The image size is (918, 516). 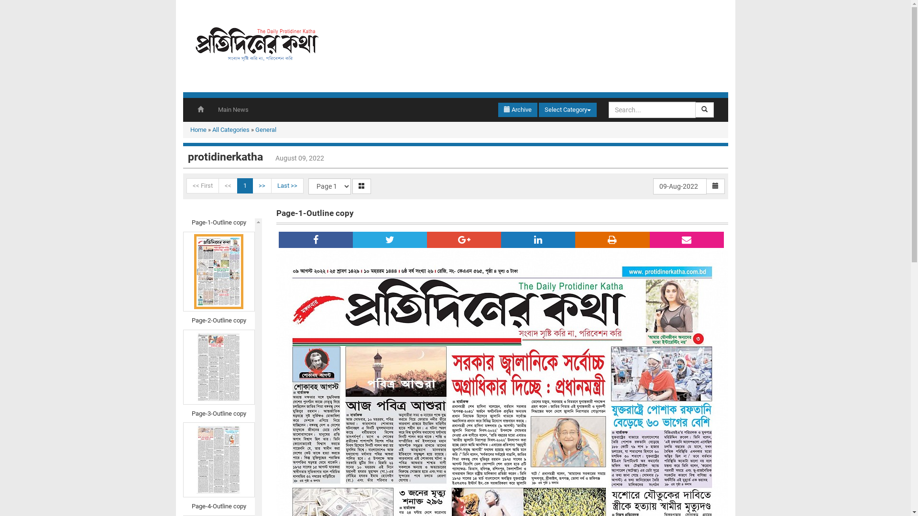 What do you see at coordinates (262, 186) in the screenshot?
I see `'>>'` at bounding box center [262, 186].